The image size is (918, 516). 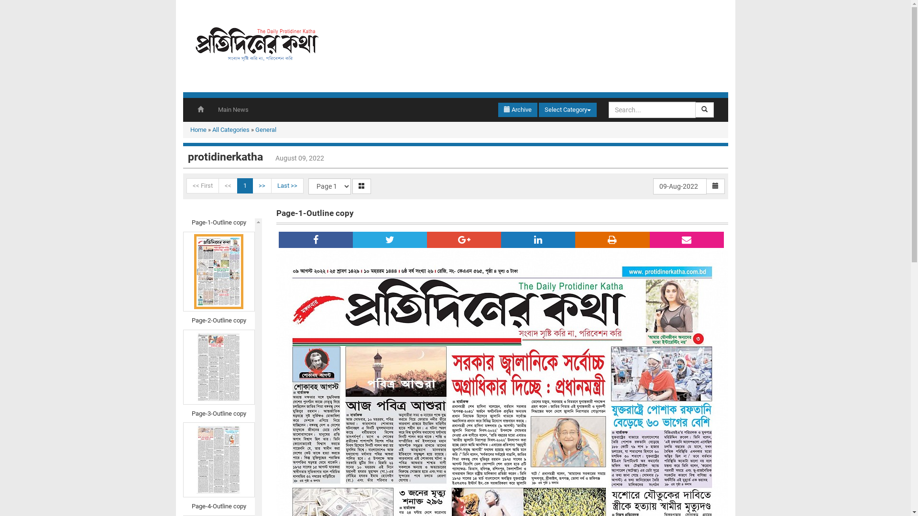 What do you see at coordinates (262, 186) in the screenshot?
I see `'>>'` at bounding box center [262, 186].